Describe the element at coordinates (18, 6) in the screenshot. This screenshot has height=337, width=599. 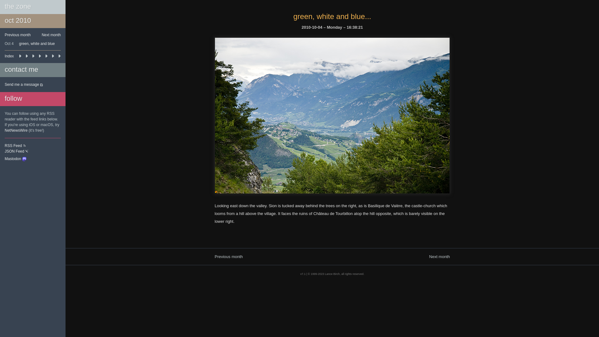
I see `'the zone'` at that location.